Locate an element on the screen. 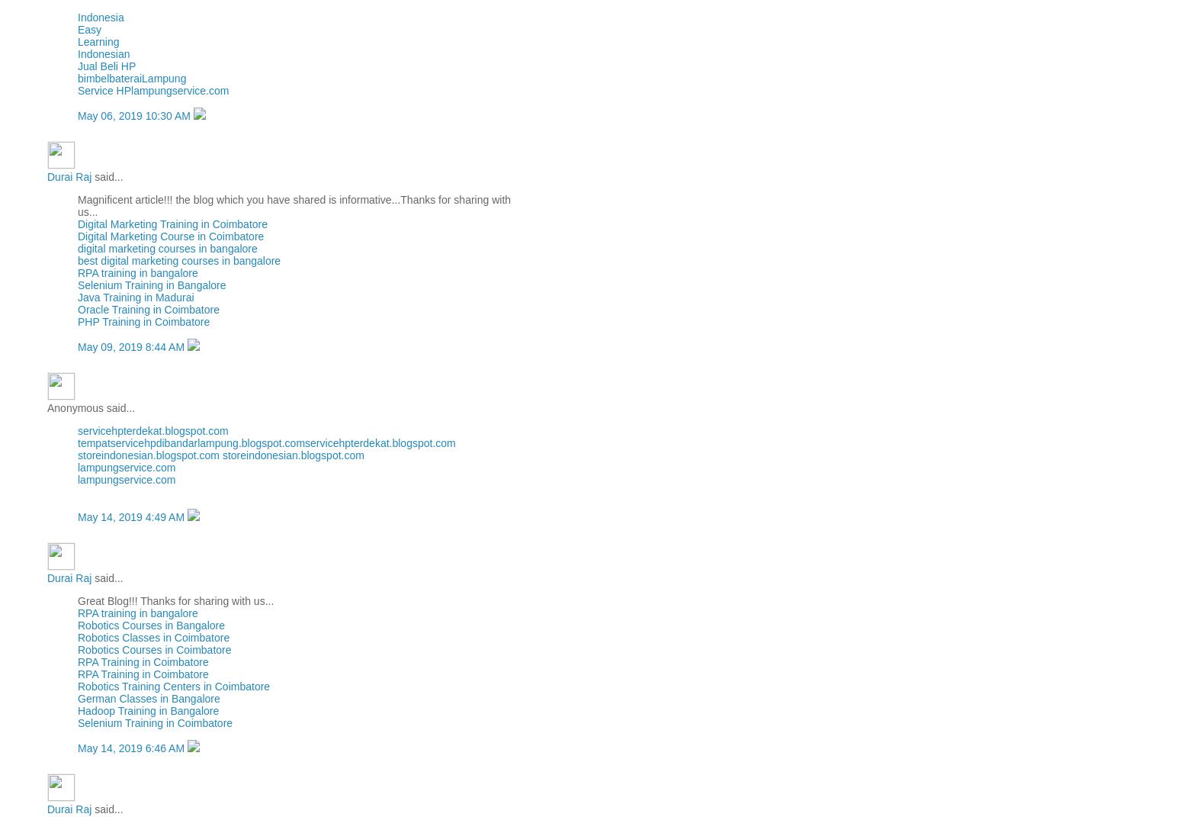 This screenshot has width=1178, height=817. 'PHP Training in Coimbatore' is located at coordinates (143, 321).